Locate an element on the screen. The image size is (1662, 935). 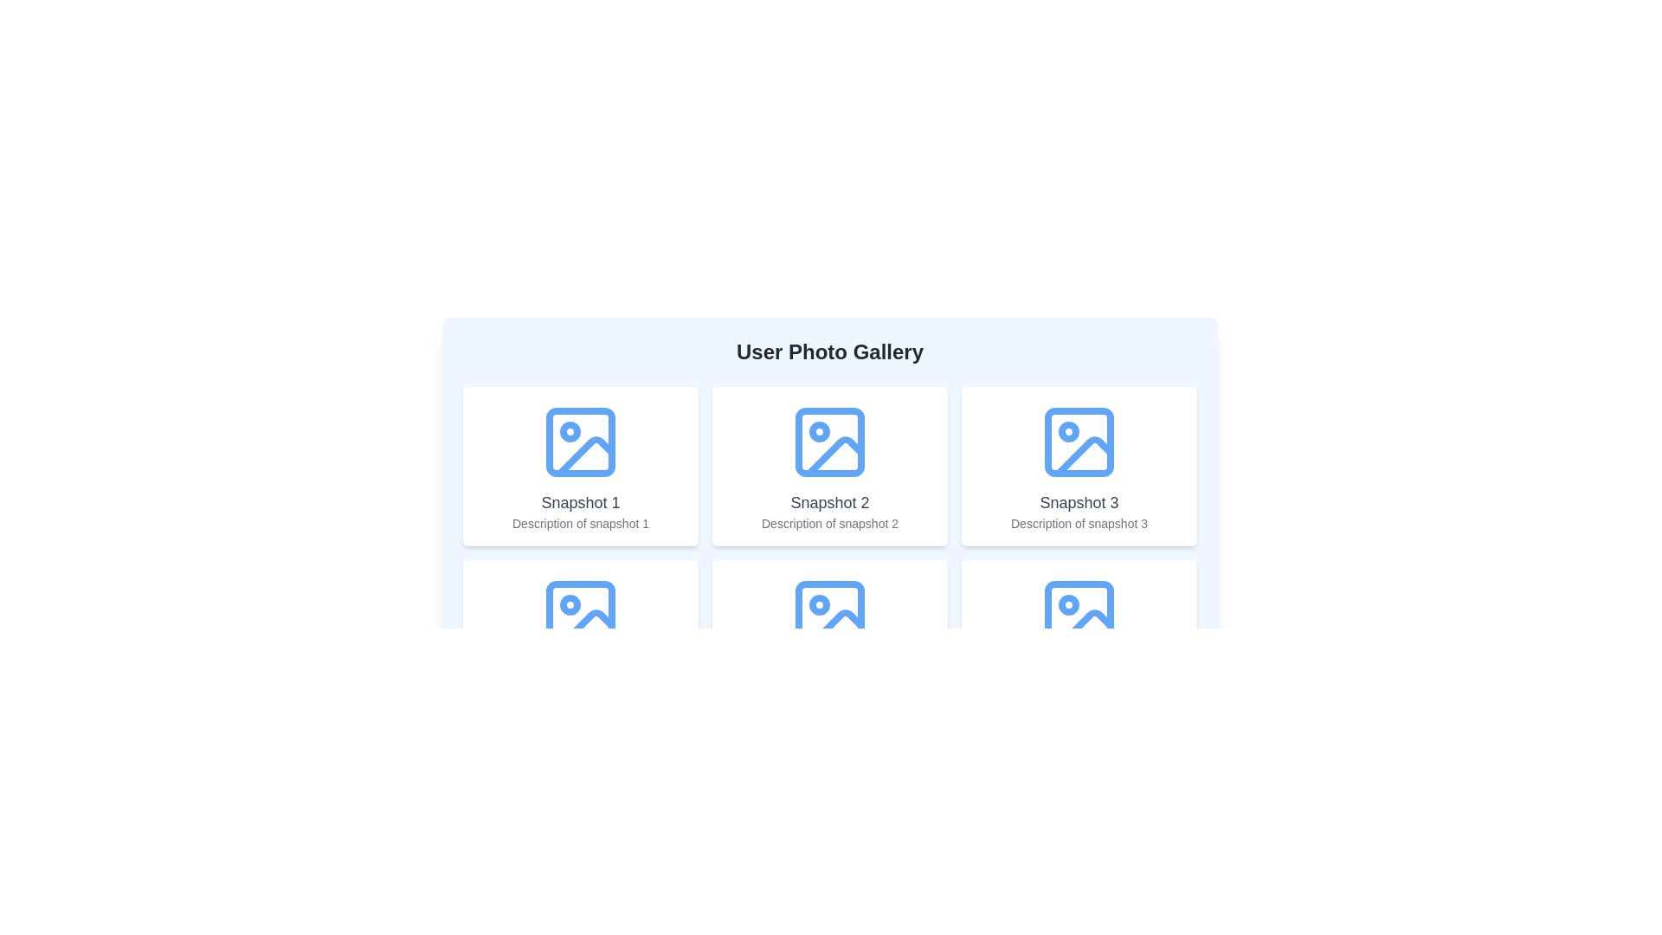
the icon in the User Photo Gallery section, which features a blue outline with a rectangle and rounded corners, containing a circle and a diagonal line, located above 'Snapshot 2' and its description is located at coordinates (829, 441).